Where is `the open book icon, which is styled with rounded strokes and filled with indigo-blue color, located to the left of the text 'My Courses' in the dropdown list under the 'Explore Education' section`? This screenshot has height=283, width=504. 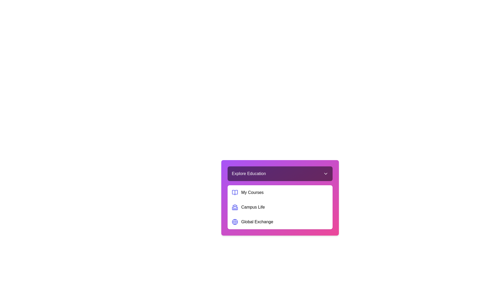
the open book icon, which is styled with rounded strokes and filled with indigo-blue color, located to the left of the text 'My Courses' in the dropdown list under the 'Explore Education' section is located at coordinates (234, 193).